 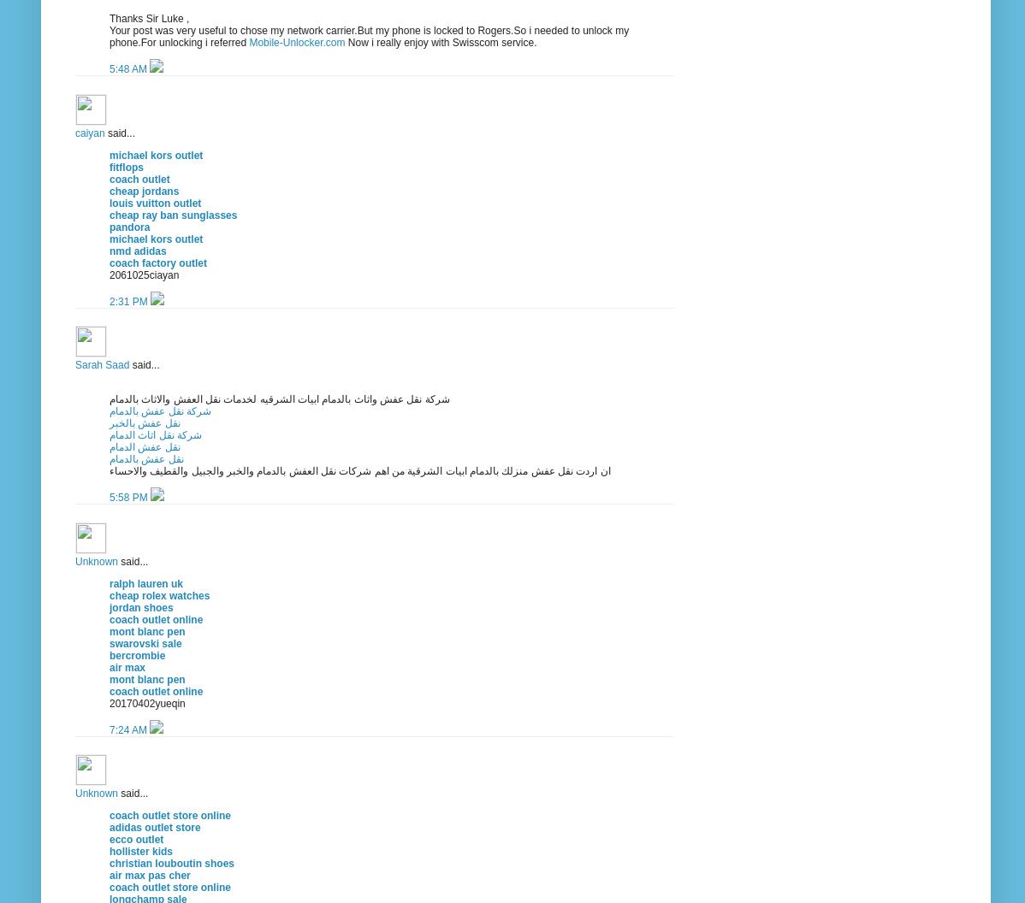 I want to click on 'Mobile-Unlocker.com', so click(x=295, y=42).